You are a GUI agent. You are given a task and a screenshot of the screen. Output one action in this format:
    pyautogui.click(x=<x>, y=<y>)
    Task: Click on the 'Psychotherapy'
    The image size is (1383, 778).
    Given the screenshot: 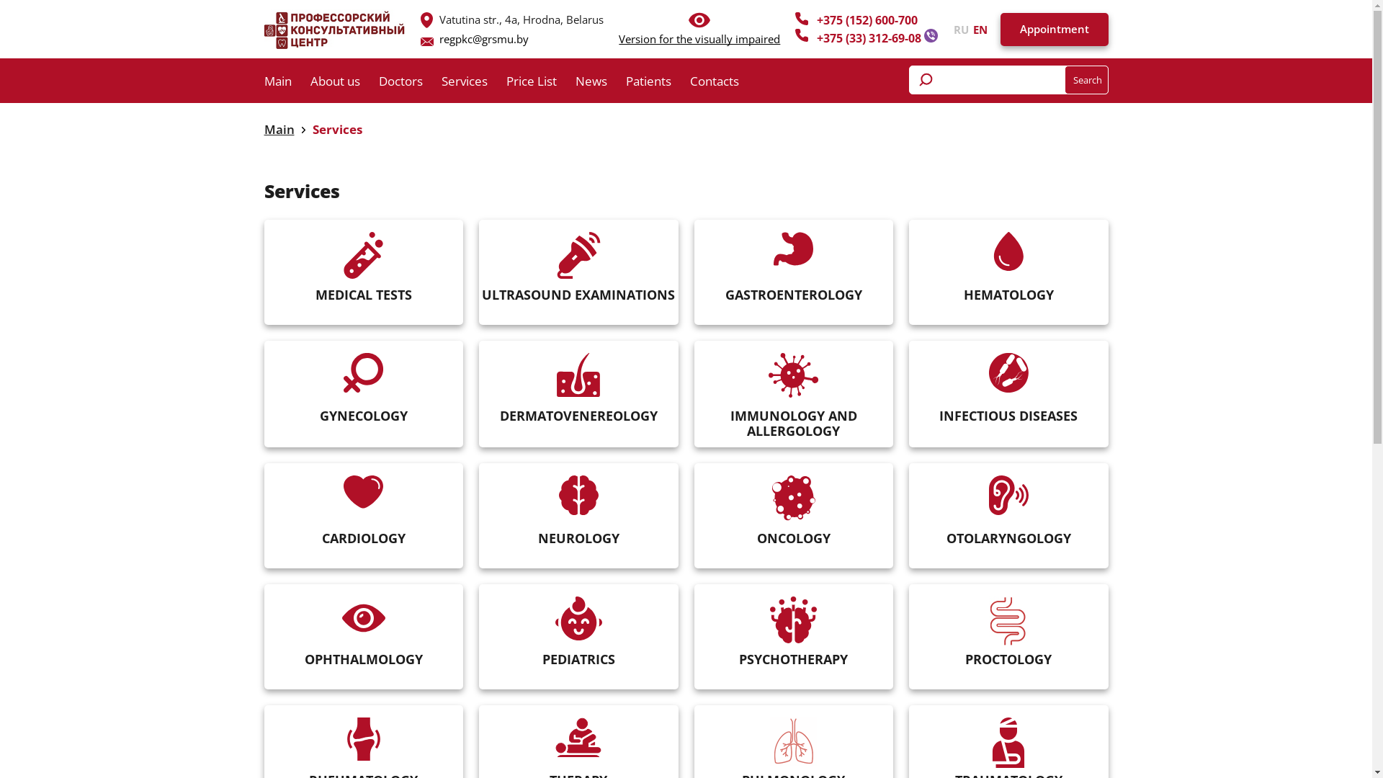 What is the action you would take?
    pyautogui.click(x=792, y=619)
    